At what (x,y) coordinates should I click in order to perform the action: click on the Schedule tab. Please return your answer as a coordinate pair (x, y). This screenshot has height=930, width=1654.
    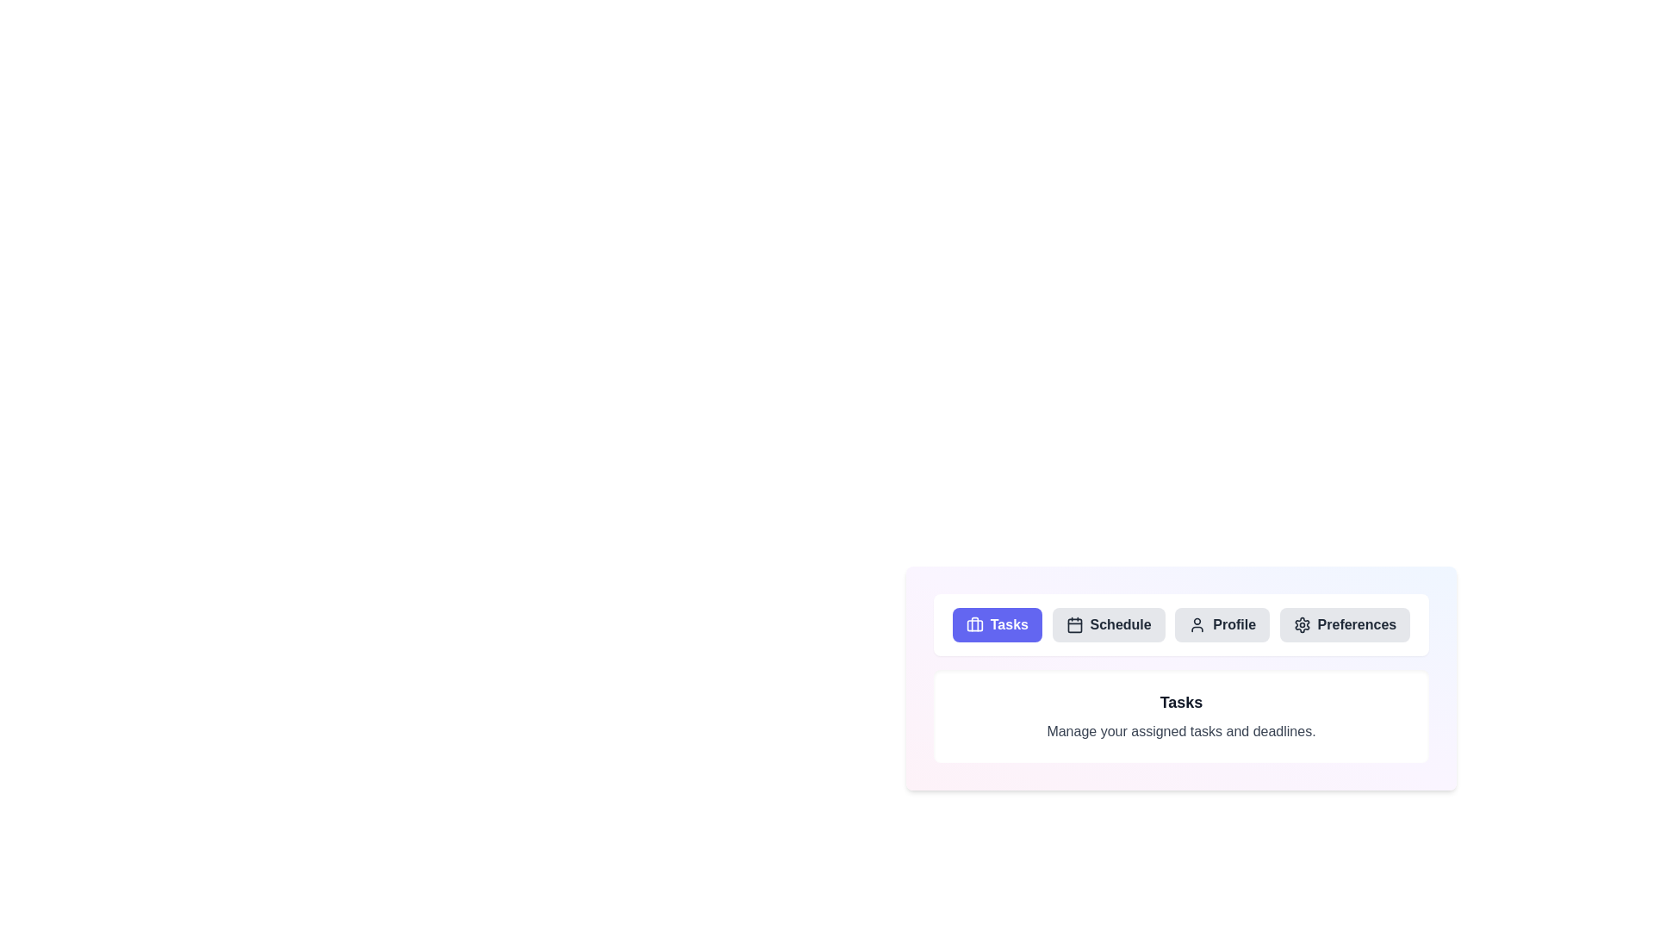
    Looking at the image, I should click on (1109, 624).